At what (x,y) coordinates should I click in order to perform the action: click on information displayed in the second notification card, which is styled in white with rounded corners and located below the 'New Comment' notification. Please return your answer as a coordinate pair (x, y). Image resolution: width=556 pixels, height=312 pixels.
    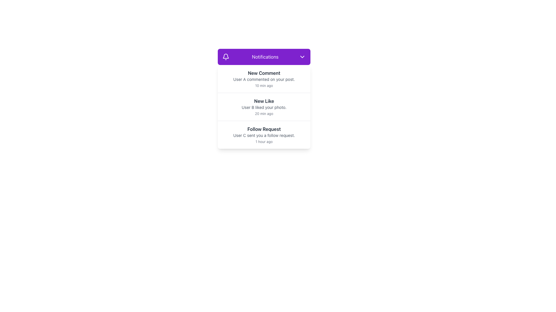
    Looking at the image, I should click on (264, 107).